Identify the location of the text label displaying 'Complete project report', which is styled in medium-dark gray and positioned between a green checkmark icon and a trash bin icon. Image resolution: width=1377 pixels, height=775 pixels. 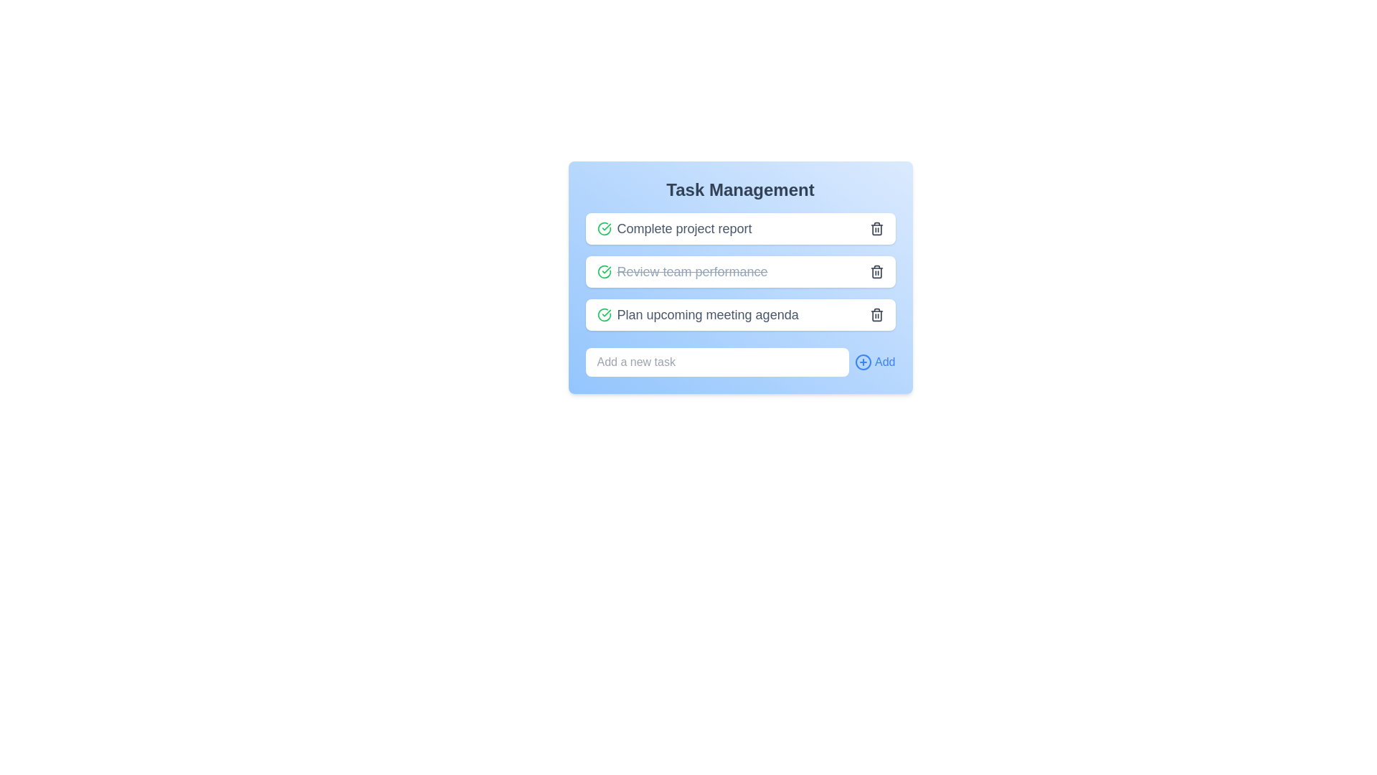
(683, 228).